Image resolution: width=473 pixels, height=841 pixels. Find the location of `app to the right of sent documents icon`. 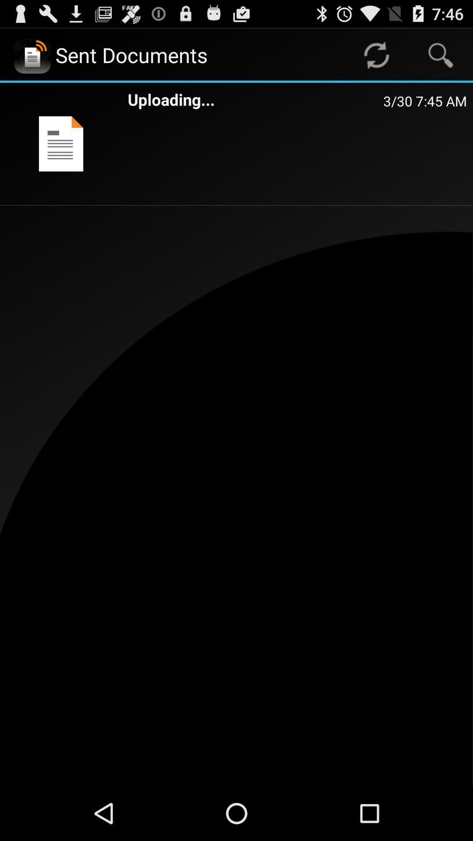

app to the right of sent documents icon is located at coordinates (376, 54).